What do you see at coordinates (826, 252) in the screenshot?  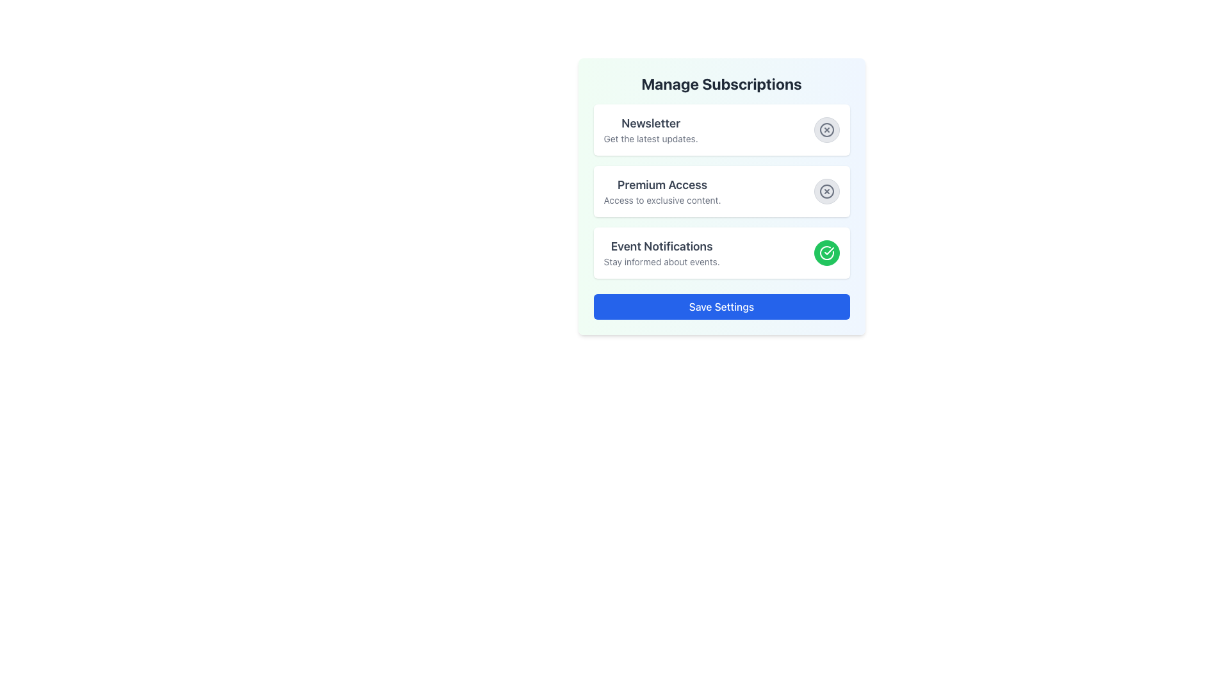 I see `the center of the circular icon with a green background and white check mark, located at the far right side of the 'Event Notifications' row in the 'Manage Subscriptions' panel` at bounding box center [826, 252].